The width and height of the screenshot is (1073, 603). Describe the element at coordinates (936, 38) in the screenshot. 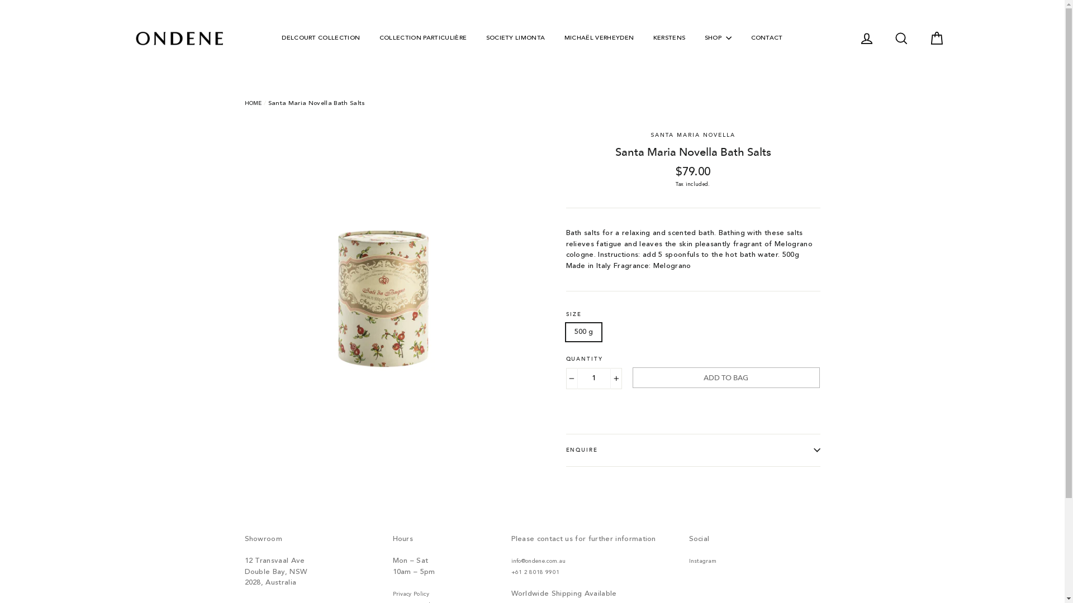

I see `'Cart'` at that location.